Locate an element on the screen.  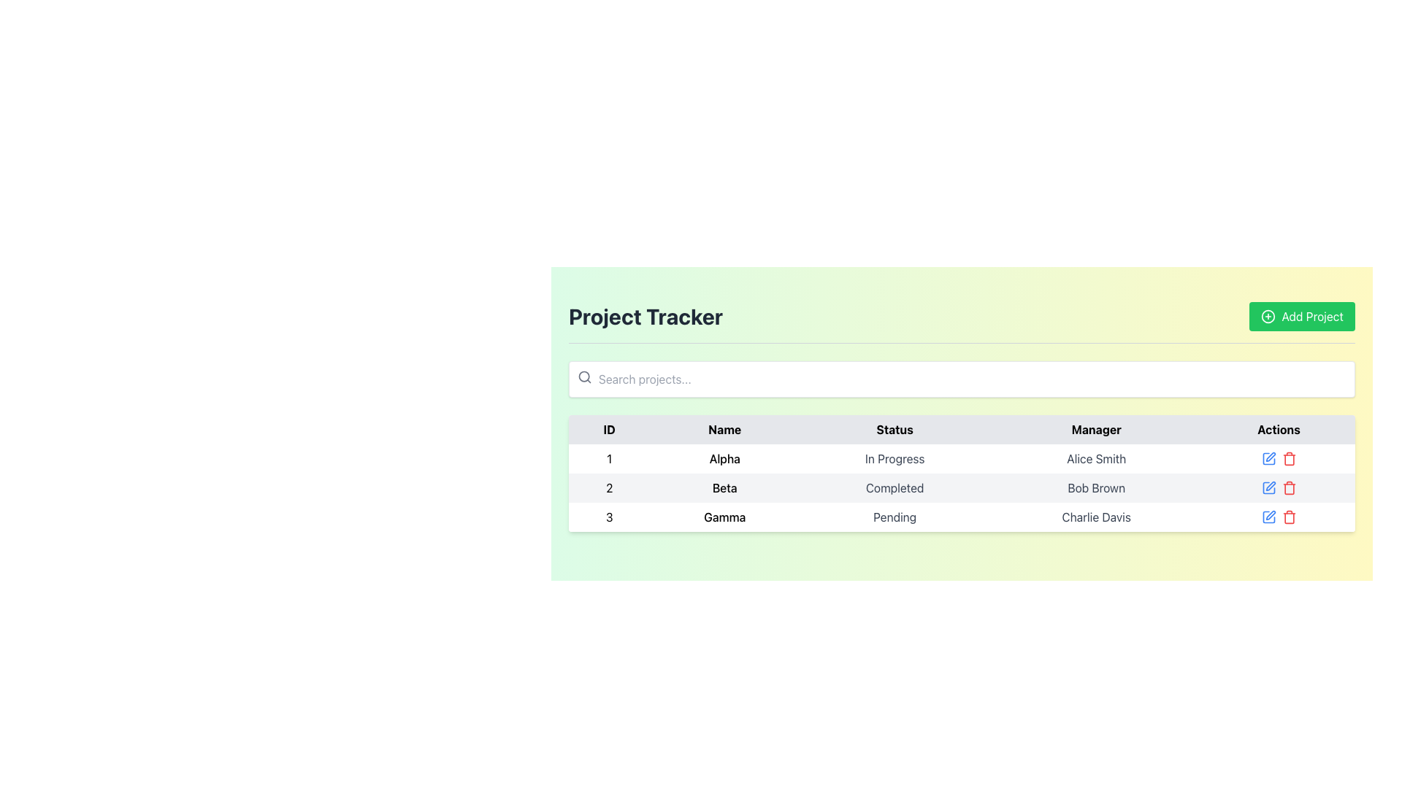
the button in the 'Actions' column corresponding to the last row for user 'Charlie Davis'. This button is the rightmost item in that row, located adjacent to an 'edit' icon is located at coordinates (1278, 517).